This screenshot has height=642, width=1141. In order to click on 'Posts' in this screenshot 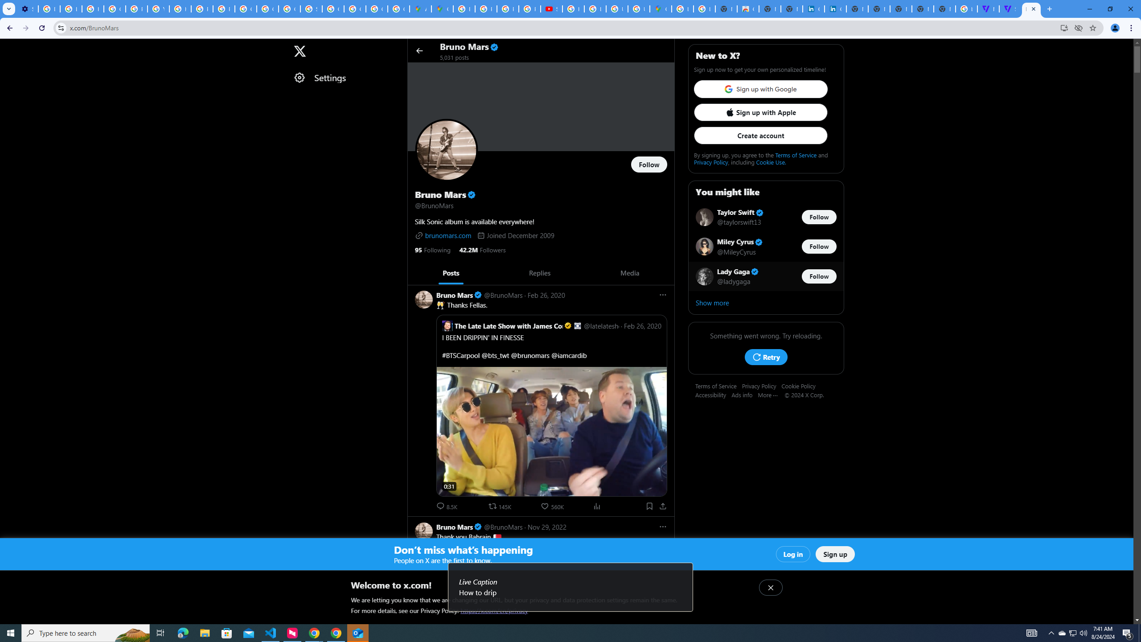, I will do `click(450, 273)`.